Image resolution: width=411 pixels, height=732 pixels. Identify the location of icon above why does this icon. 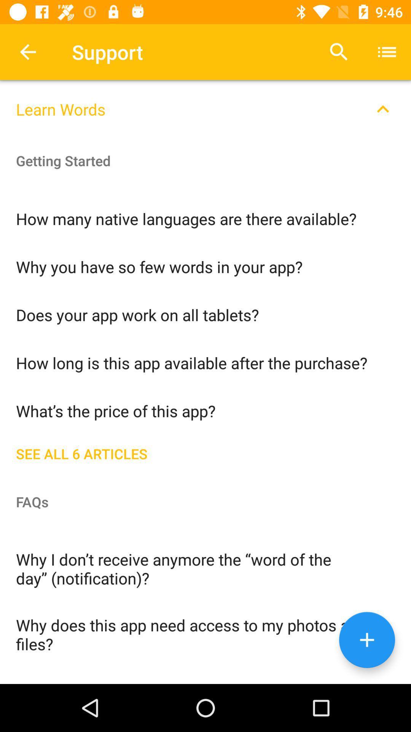
(205, 568).